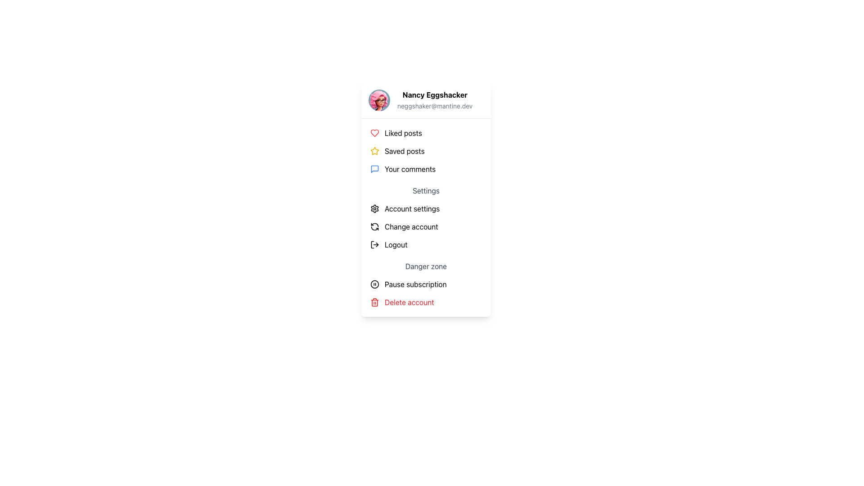 Image resolution: width=864 pixels, height=486 pixels. I want to click on information displayed in the user profile block, which includes the user's avatar, name, and email, positioned at the top of the menu, so click(425, 100).